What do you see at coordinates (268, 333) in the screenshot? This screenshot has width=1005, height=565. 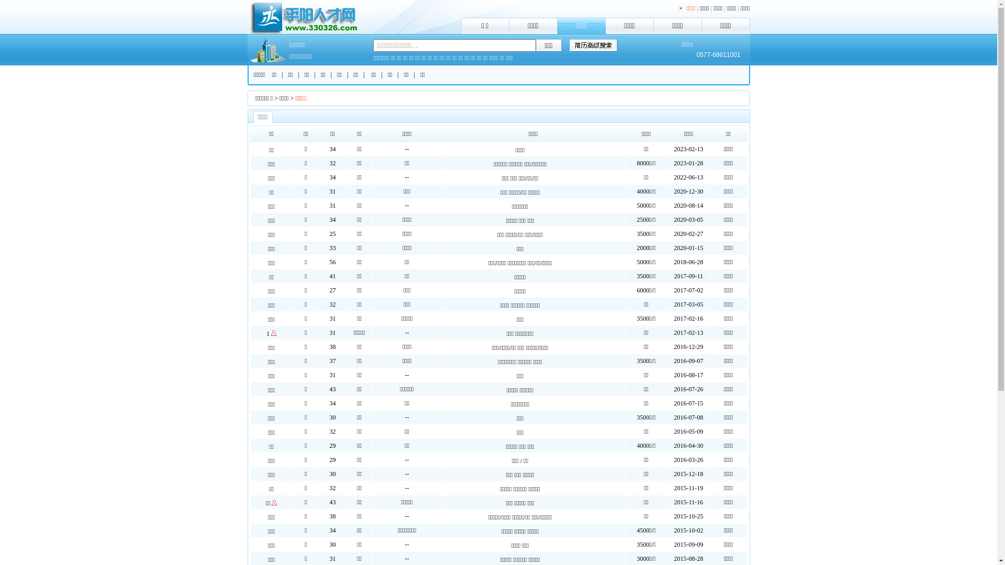 I see `'1'` at bounding box center [268, 333].